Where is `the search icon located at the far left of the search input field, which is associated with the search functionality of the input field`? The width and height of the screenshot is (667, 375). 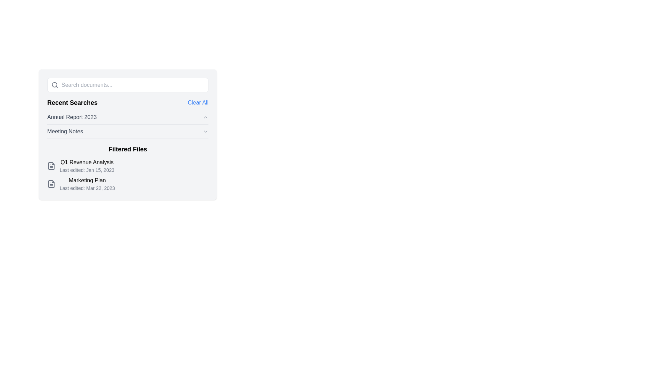 the search icon located at the far left of the search input field, which is associated with the search functionality of the input field is located at coordinates (52, 85).